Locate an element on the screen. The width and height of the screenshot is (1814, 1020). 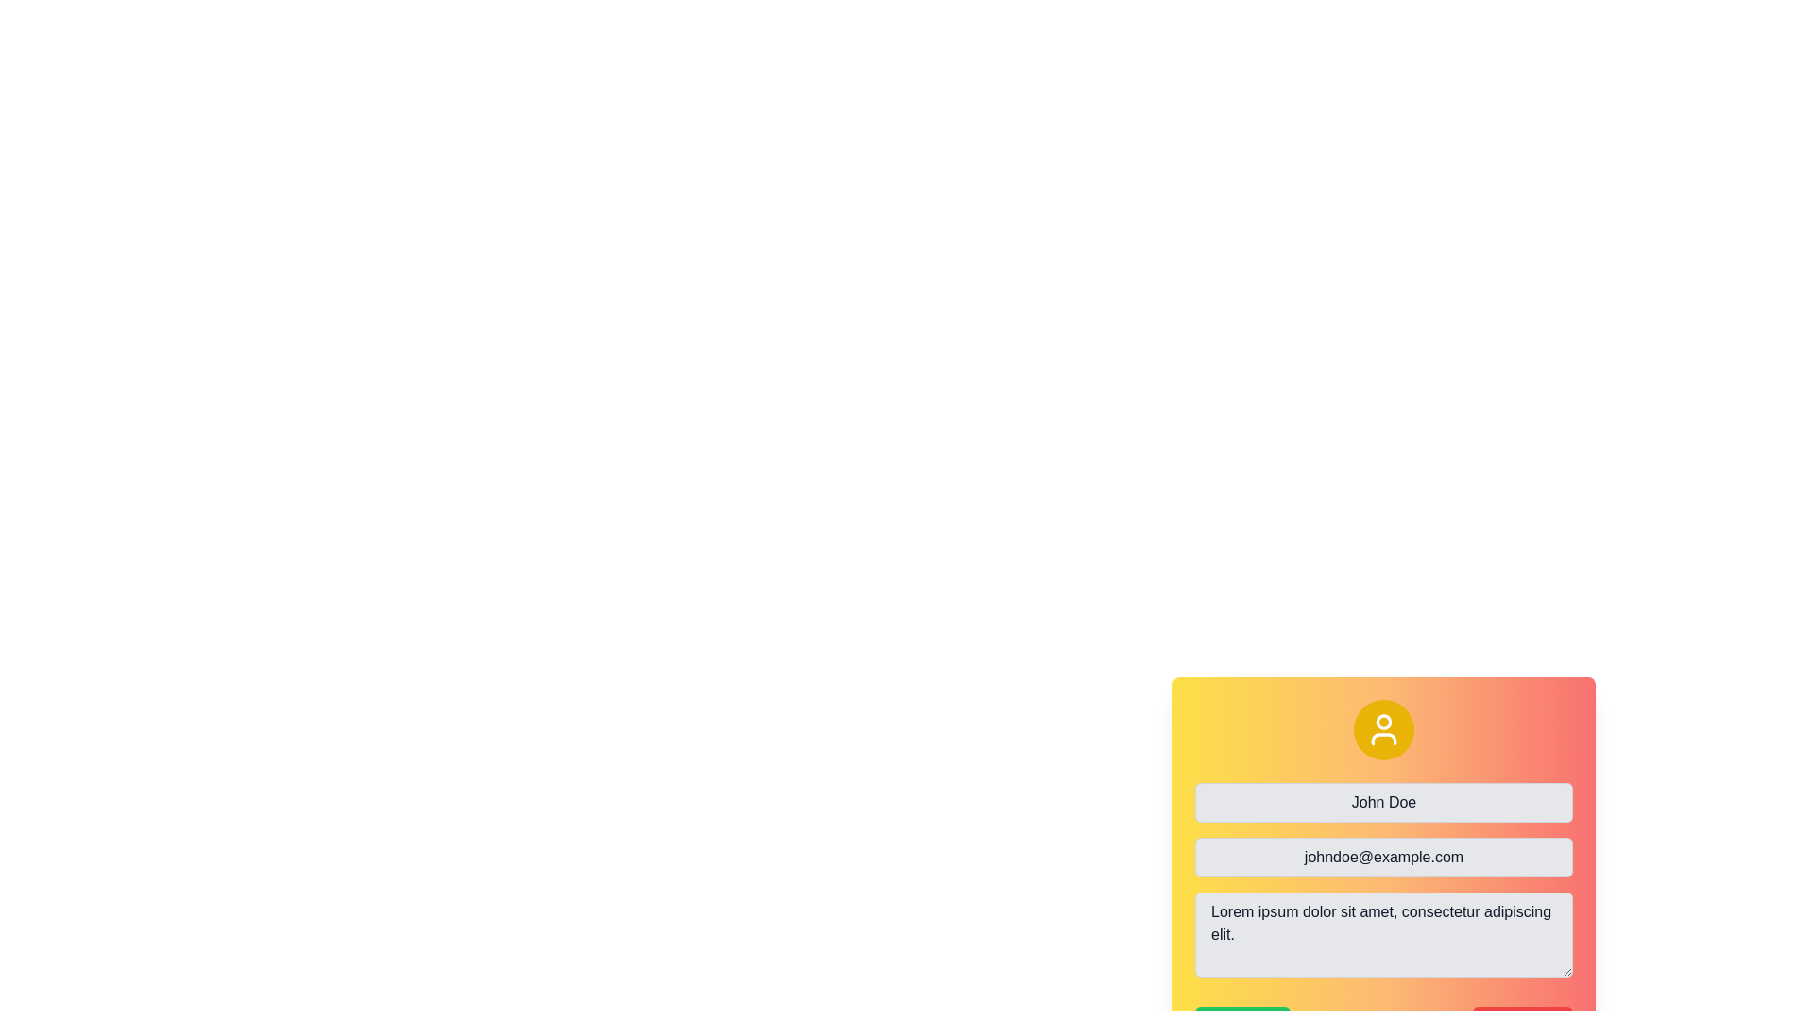
the static user profile icon located at the center of the top section of the rectangular card with a gradient background, positioned above the text fields for 'John Doe' and 'johndoe@example.com' is located at coordinates (1383, 728).